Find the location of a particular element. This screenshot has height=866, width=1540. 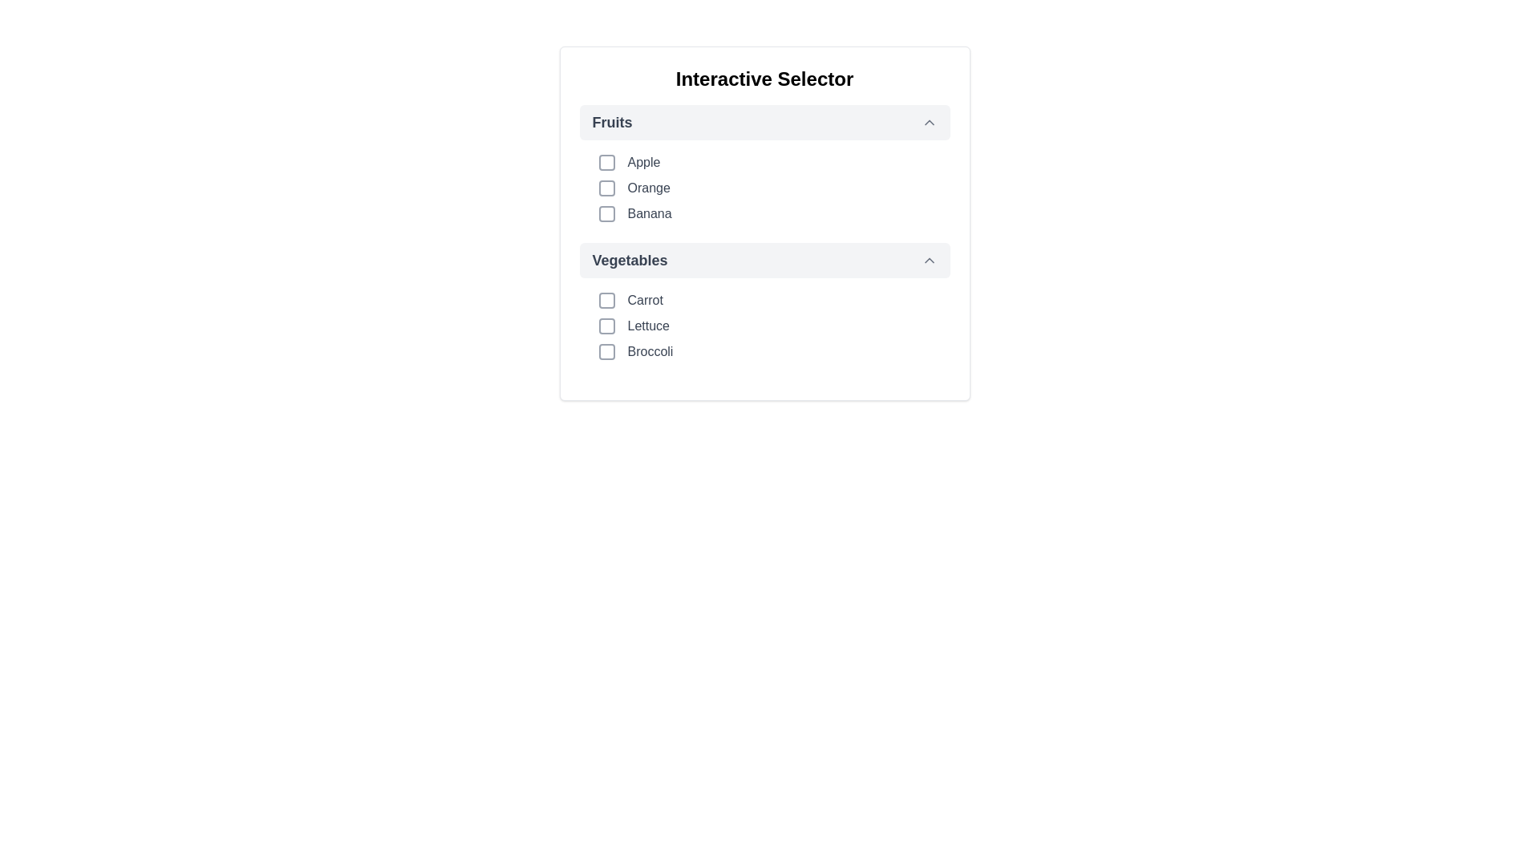

the check icon in the outlined style within the 'Apple' checkbox under the 'Fruits' category to indicate selection is located at coordinates (606, 163).